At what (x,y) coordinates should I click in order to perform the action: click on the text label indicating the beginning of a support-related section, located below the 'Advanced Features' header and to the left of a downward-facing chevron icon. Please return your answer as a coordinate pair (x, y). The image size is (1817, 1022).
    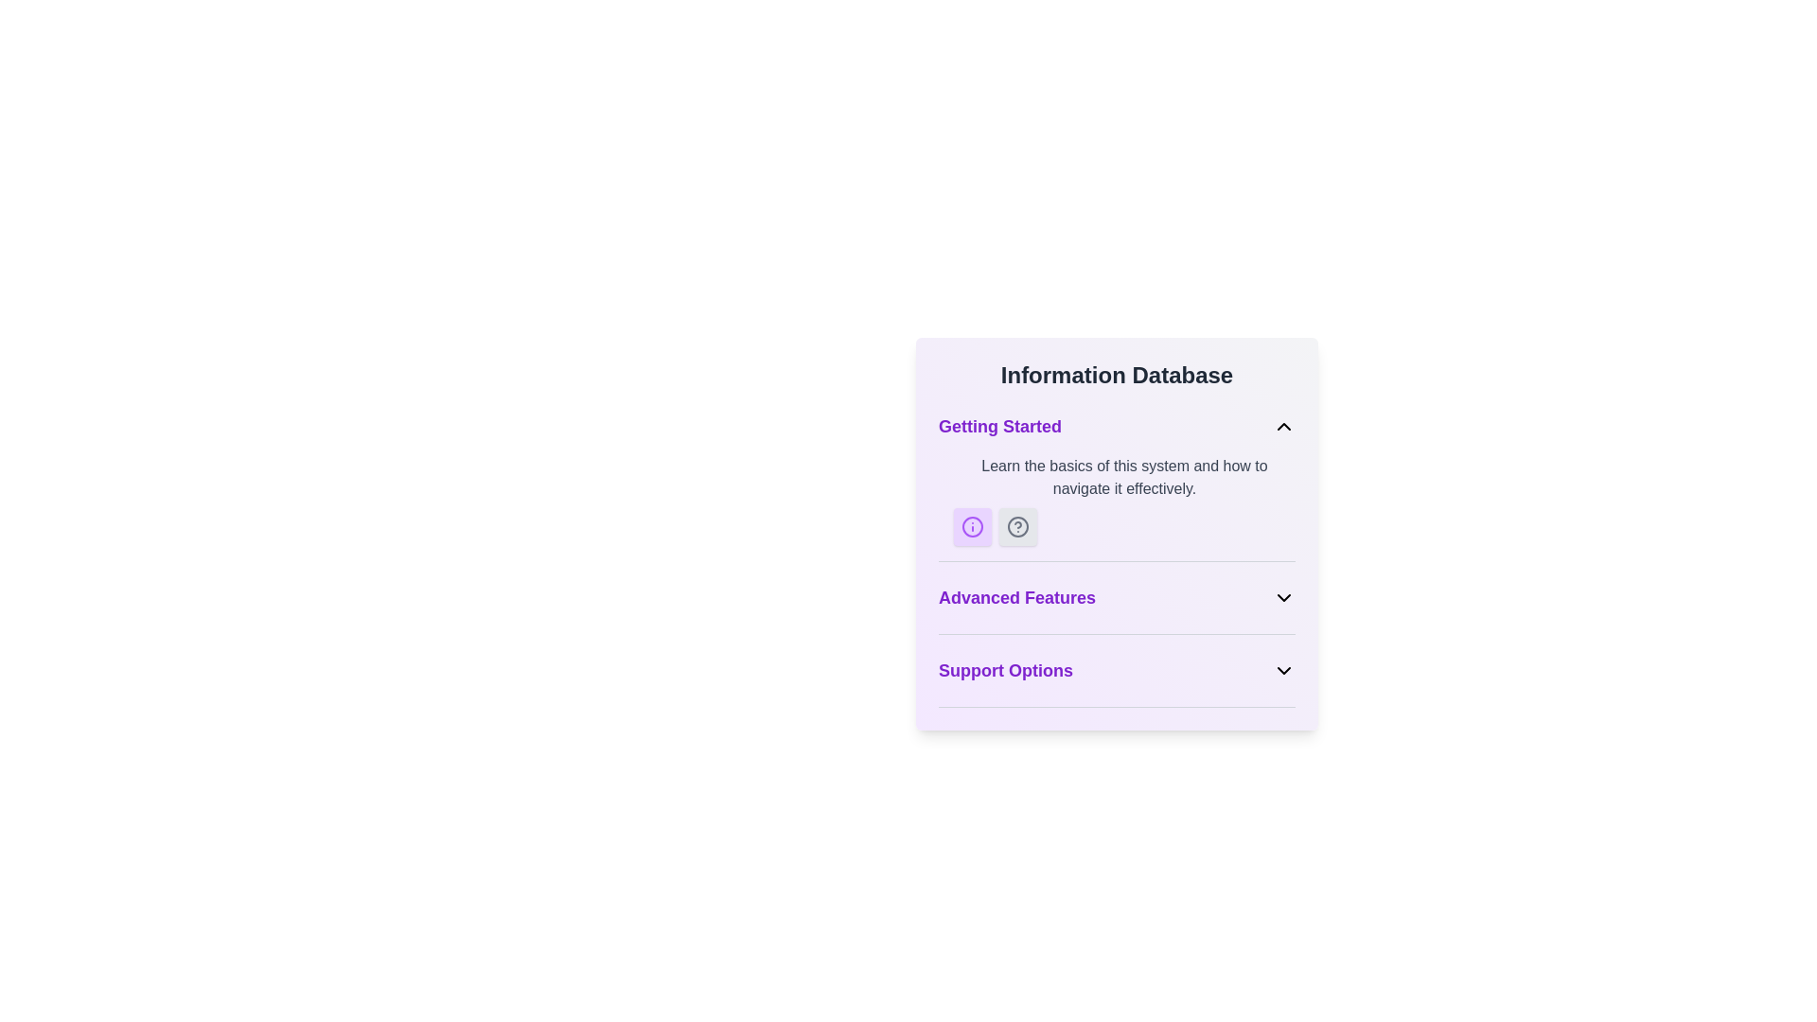
    Looking at the image, I should click on (1004, 670).